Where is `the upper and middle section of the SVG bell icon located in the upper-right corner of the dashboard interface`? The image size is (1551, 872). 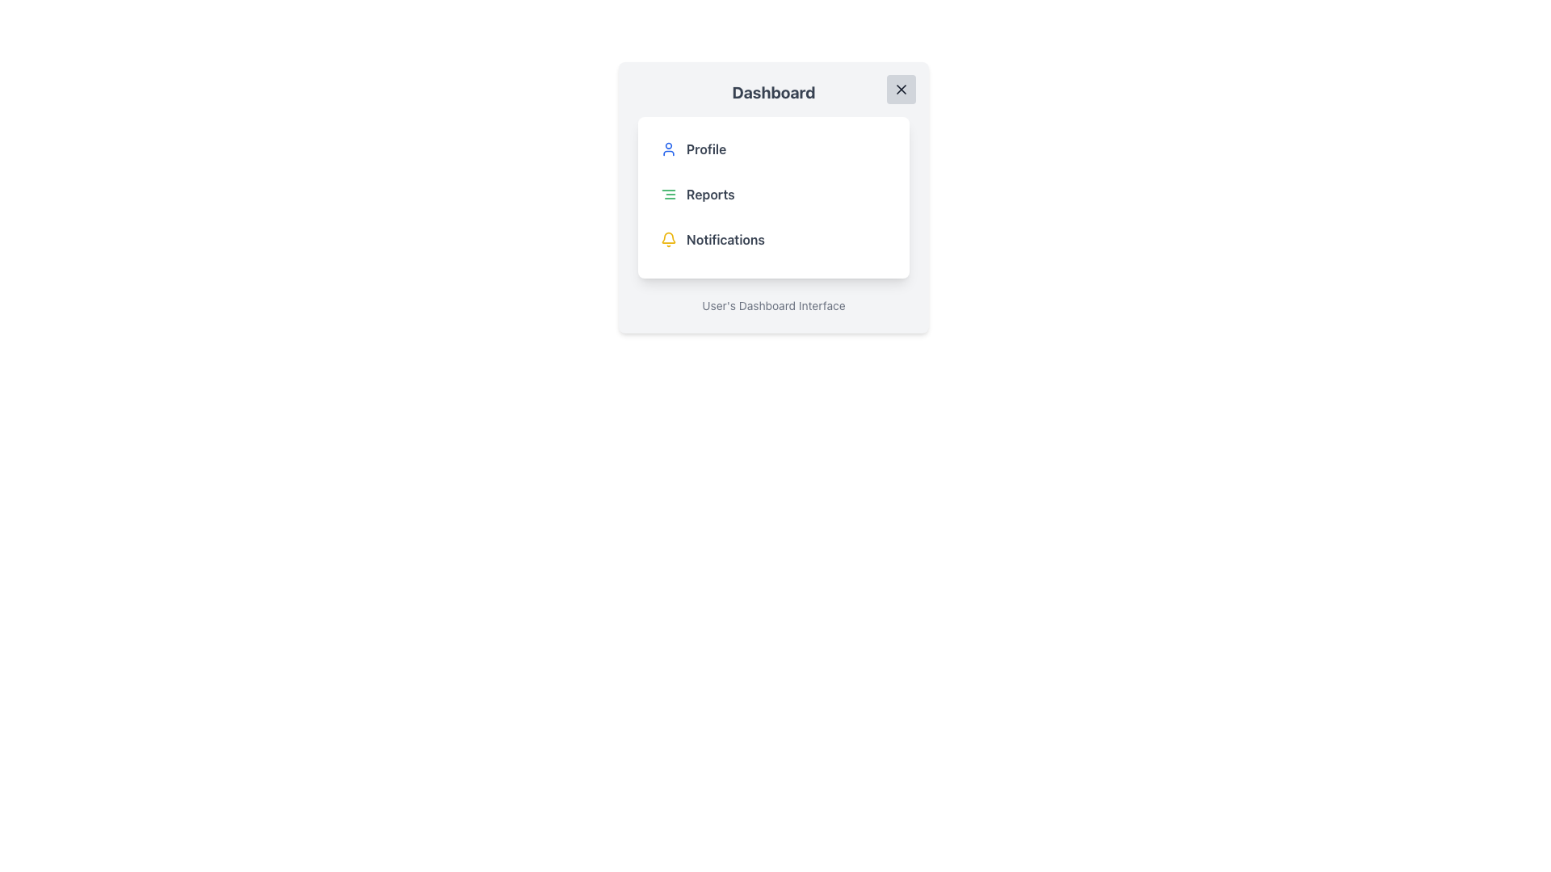 the upper and middle section of the SVG bell icon located in the upper-right corner of the dashboard interface is located at coordinates (669, 237).